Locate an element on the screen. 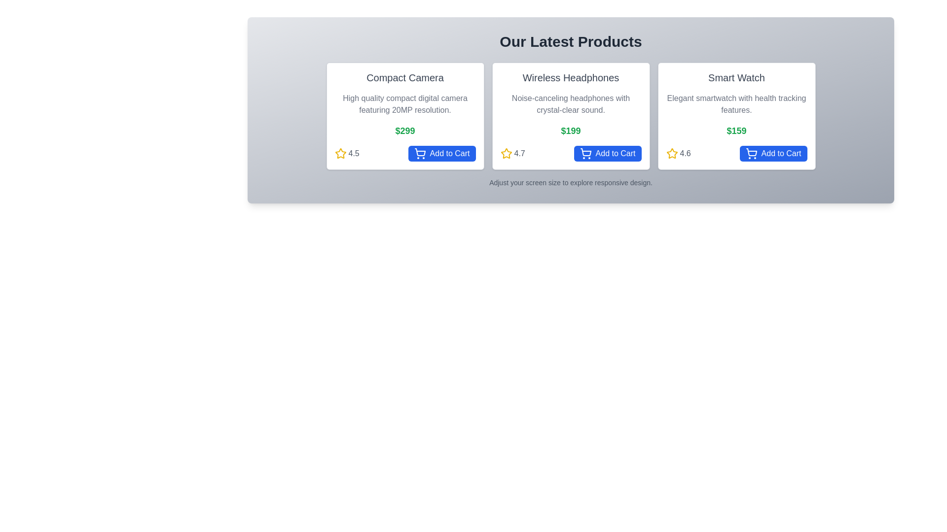  the shopping cart icon located on the left side of the 'Add to Cart' button under the 'Compact Camera' section is located at coordinates (420, 154).